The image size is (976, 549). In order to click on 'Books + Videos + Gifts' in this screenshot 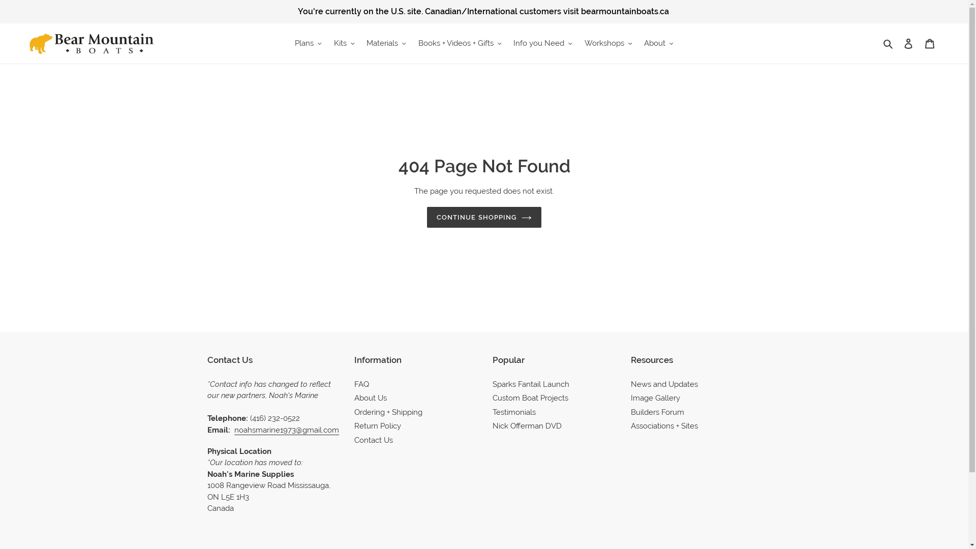, I will do `click(413, 43)`.